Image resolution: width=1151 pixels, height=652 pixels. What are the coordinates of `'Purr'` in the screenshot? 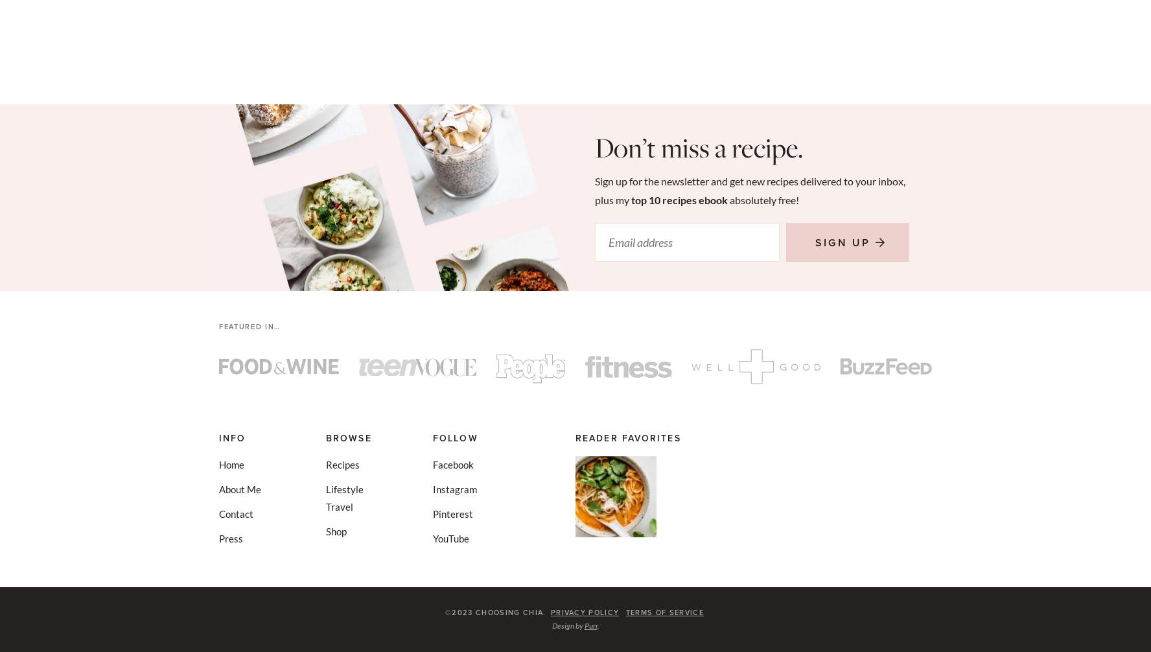 It's located at (590, 625).